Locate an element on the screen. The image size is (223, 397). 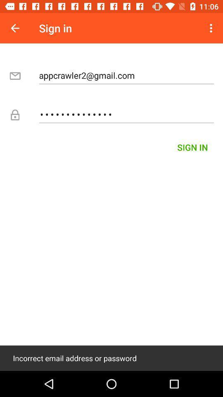
the icon below the sign in is located at coordinates (126, 75).